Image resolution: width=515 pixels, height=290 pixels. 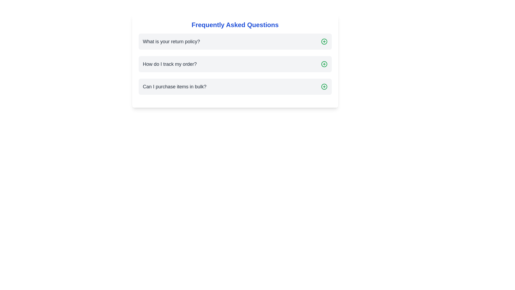 I want to click on the circular green-bordered button with a '+' sign located at the rightmost end of the third row in the FAQ section, so click(x=324, y=86).